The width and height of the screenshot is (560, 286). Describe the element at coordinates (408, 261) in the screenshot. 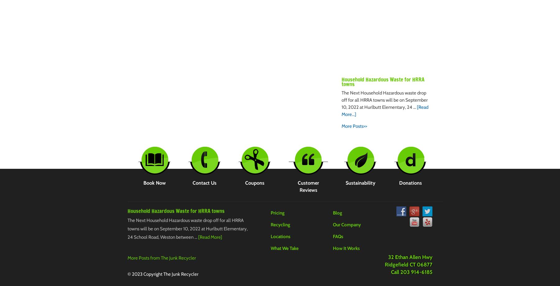

I see `'32 Ethan Allen Hwy Ridgefield CT 06877'` at that location.